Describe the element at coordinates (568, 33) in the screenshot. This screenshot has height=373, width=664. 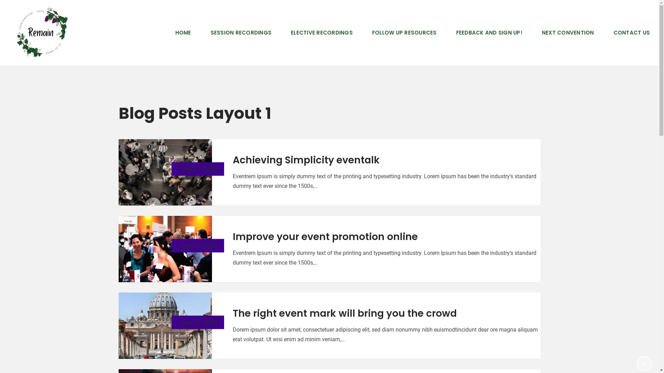
I see `'NEXT CONVENTION'` at that location.